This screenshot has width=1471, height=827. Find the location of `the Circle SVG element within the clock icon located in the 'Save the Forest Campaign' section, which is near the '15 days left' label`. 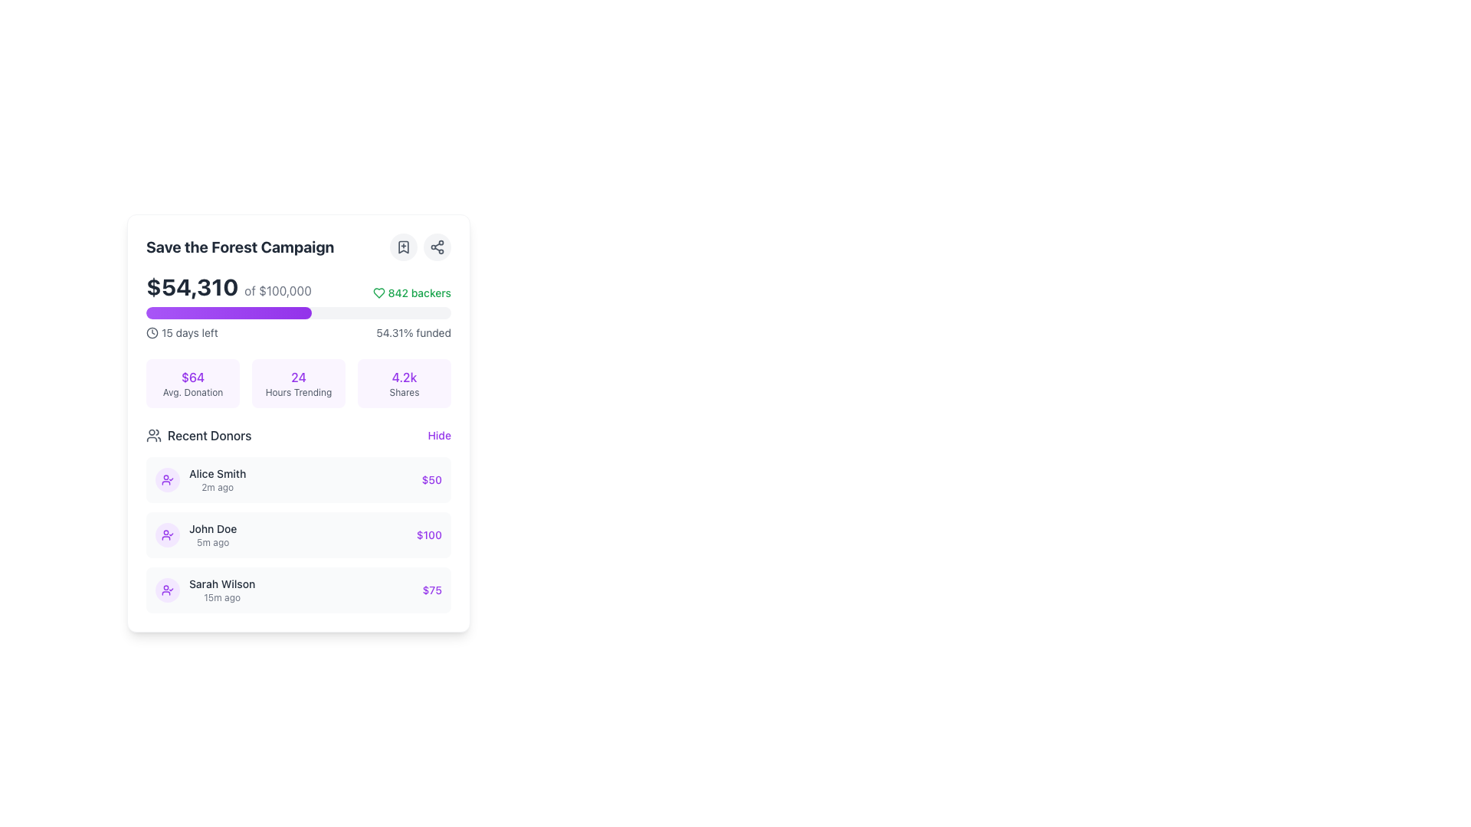

the Circle SVG element within the clock icon located in the 'Save the Forest Campaign' section, which is near the '15 days left' label is located at coordinates (152, 332).